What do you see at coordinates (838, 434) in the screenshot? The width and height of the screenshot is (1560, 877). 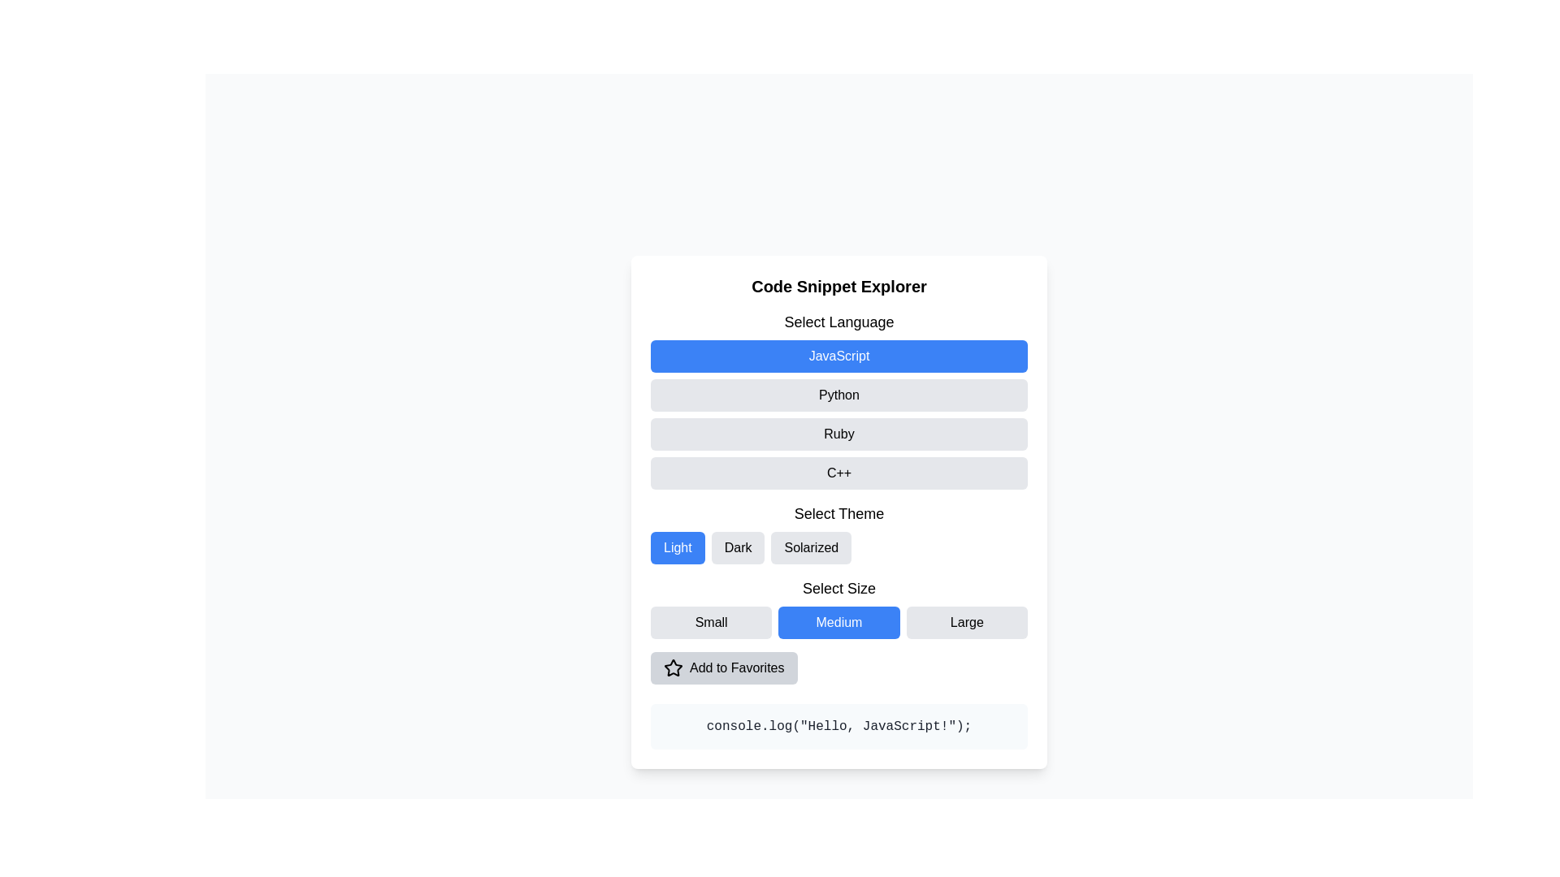 I see `the selectable button labeled 'Ruby', which is the third button in a vertically stacked group of four buttons` at bounding box center [838, 434].